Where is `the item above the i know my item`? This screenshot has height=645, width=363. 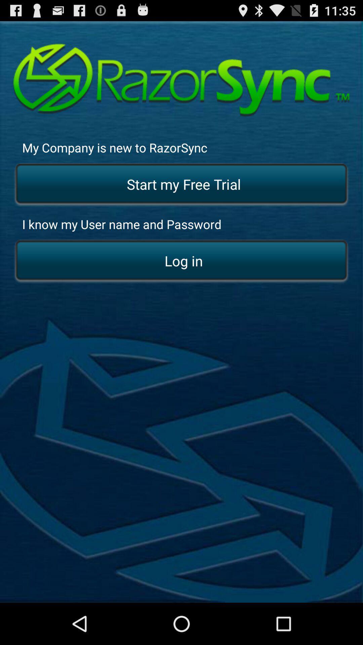 the item above the i know my item is located at coordinates (182, 185).